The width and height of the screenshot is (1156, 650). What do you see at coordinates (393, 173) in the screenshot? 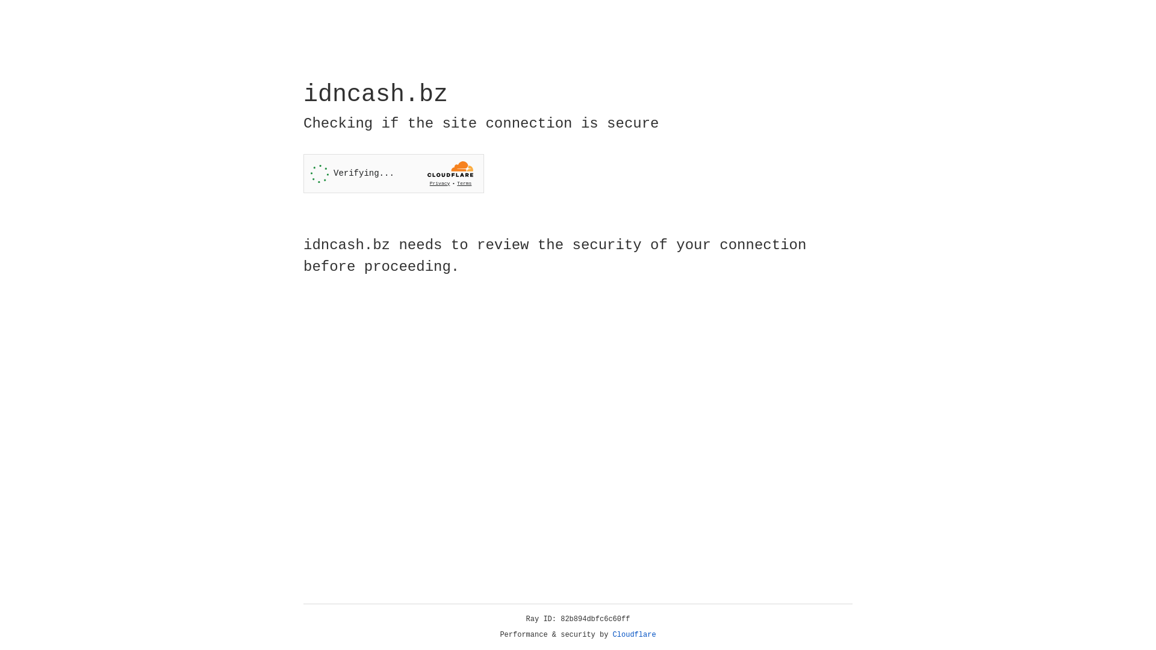
I see `'Widget containing a Cloudflare security challenge'` at bounding box center [393, 173].